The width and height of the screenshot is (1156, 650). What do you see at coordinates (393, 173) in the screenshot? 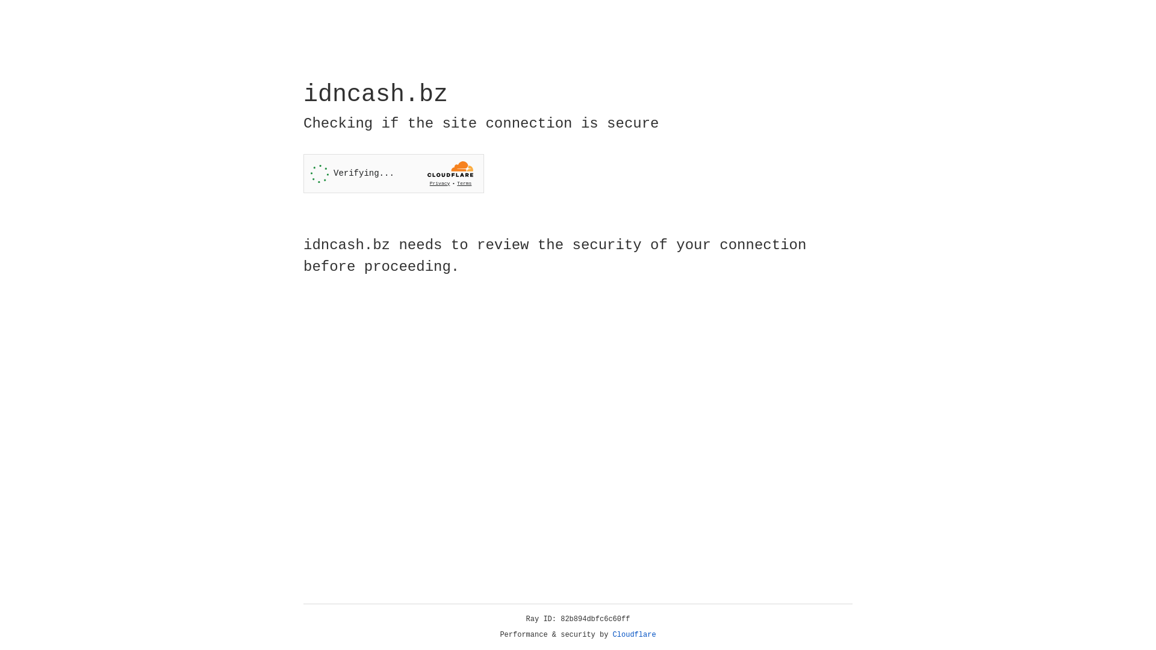
I see `'Widget containing a Cloudflare security challenge'` at bounding box center [393, 173].